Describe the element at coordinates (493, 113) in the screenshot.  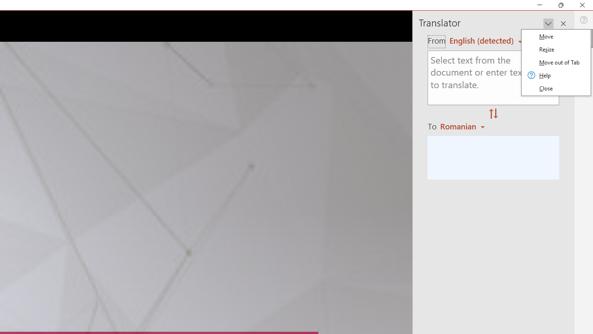
I see `'Swap "from" and "to" languages.'` at that location.